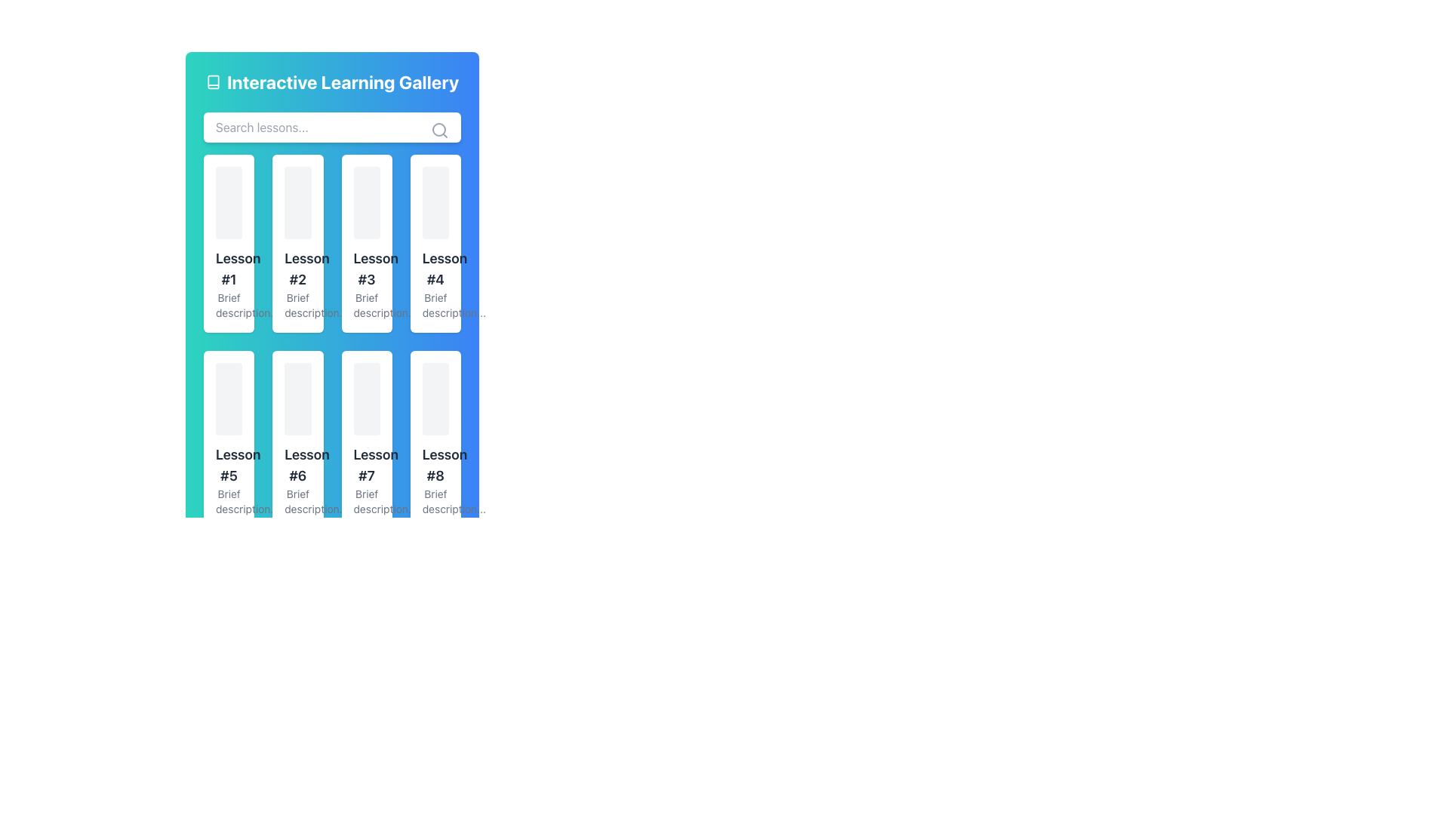 This screenshot has height=815, width=1449. I want to click on text of the lesson title label located in the top row, third column of the card structure, positioned above the text 'Brief description...', so click(367, 269).